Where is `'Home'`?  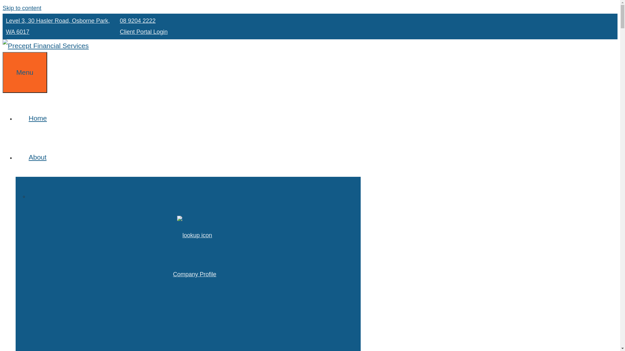 'Home' is located at coordinates (16, 118).